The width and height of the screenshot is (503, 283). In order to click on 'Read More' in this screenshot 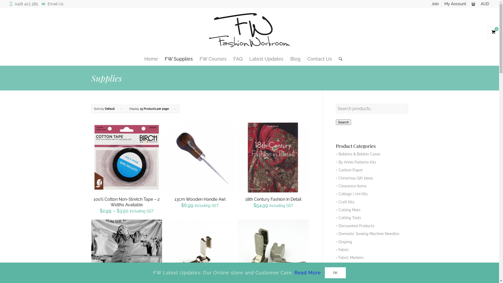, I will do `click(308, 272)`.